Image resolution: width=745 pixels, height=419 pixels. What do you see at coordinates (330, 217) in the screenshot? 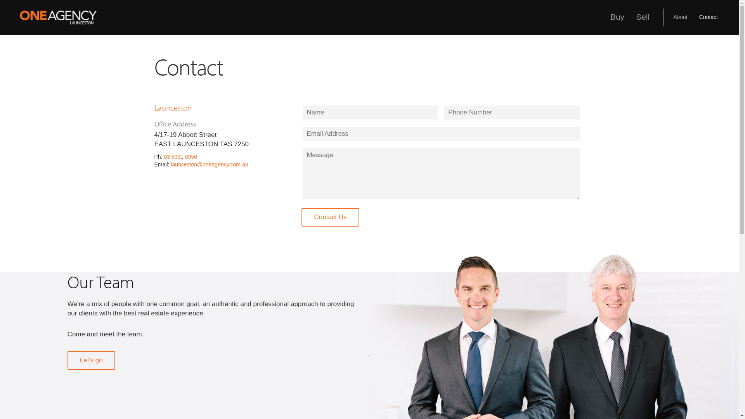
I see `'Contact Us'` at bounding box center [330, 217].